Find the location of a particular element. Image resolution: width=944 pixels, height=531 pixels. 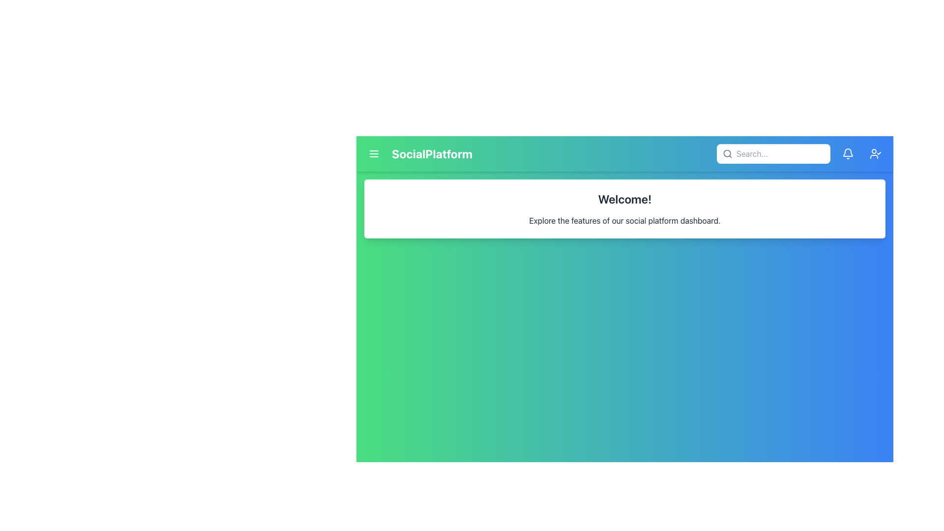

the bell icon representing notifications located at the top-right corner of the viewport is located at coordinates (847, 153).